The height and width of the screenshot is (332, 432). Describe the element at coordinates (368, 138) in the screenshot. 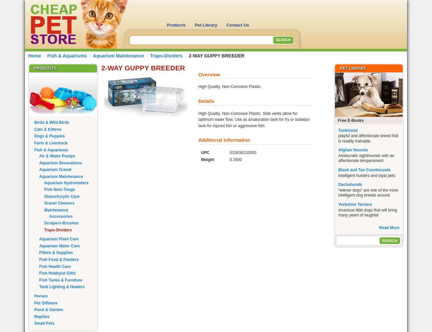

I see `'playful and affectionate breed that is readily trainable'` at that location.